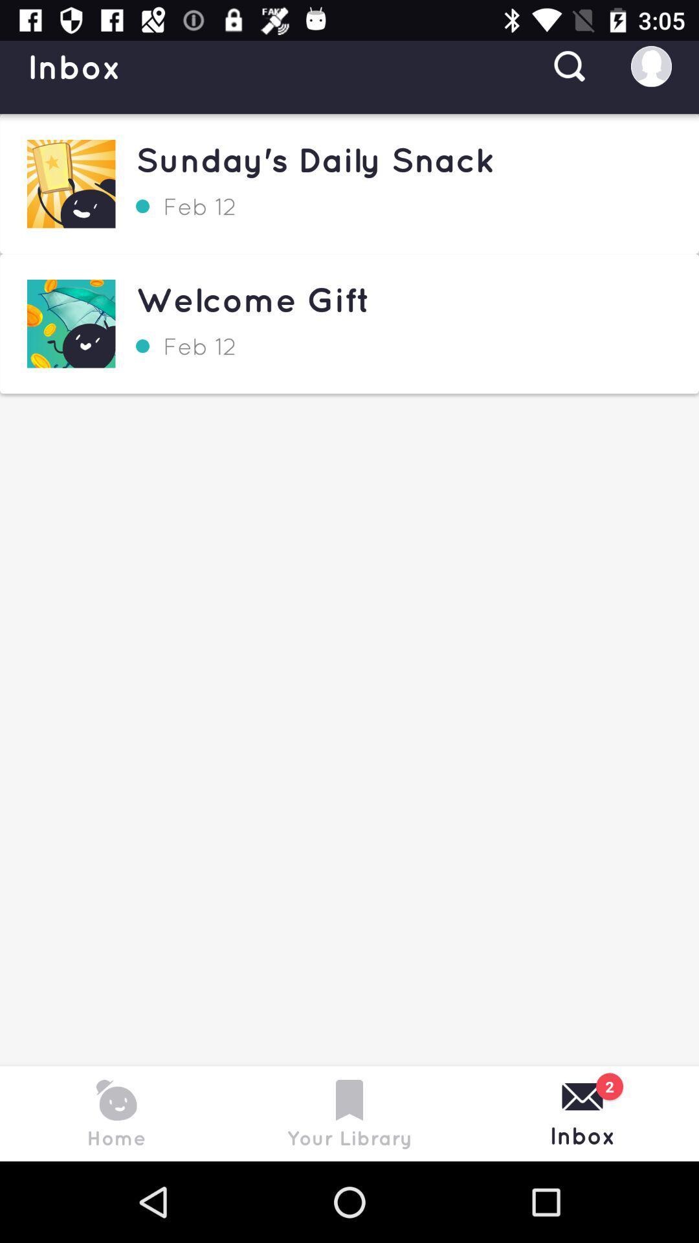 This screenshot has height=1243, width=699. I want to click on the first image appearing, so click(71, 183).